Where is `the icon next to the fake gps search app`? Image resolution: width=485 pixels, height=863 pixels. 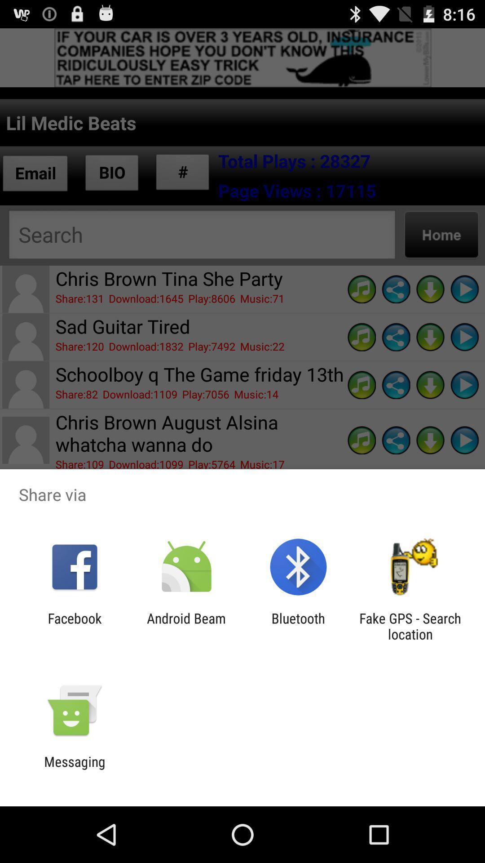 the icon next to the fake gps search app is located at coordinates (298, 626).